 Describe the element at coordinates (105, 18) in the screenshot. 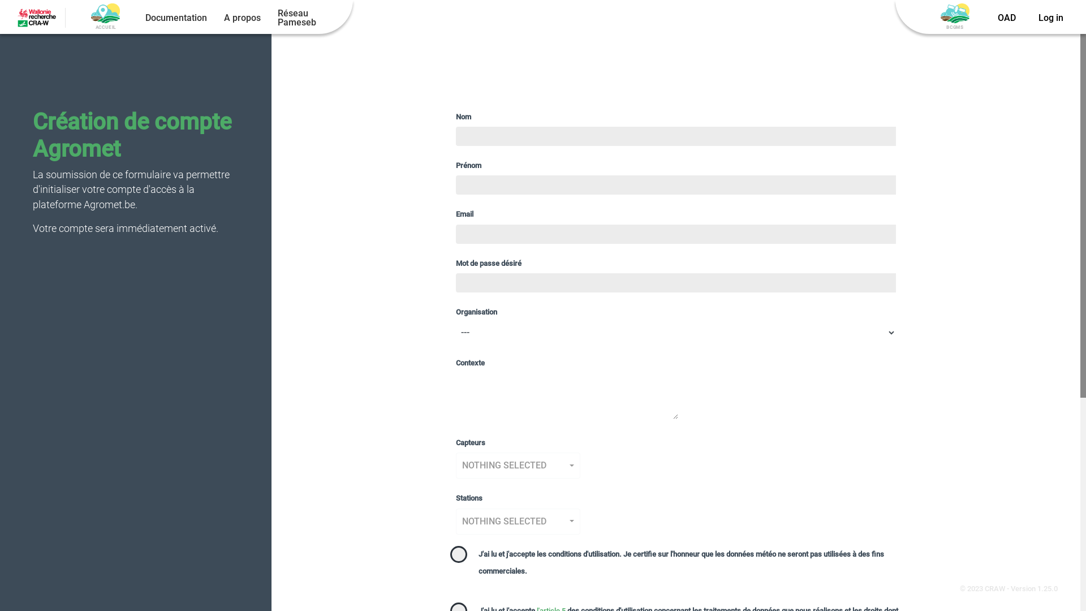

I see `'ACCUEIL'` at that location.